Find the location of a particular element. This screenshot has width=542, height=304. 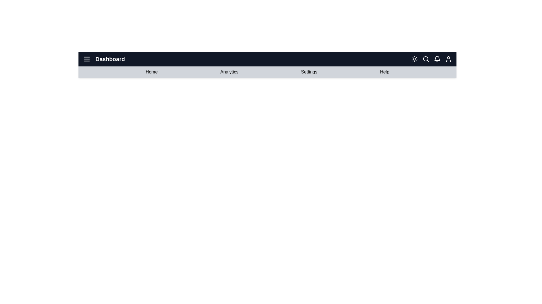

the search icon to open the search functionality is located at coordinates (426, 59).